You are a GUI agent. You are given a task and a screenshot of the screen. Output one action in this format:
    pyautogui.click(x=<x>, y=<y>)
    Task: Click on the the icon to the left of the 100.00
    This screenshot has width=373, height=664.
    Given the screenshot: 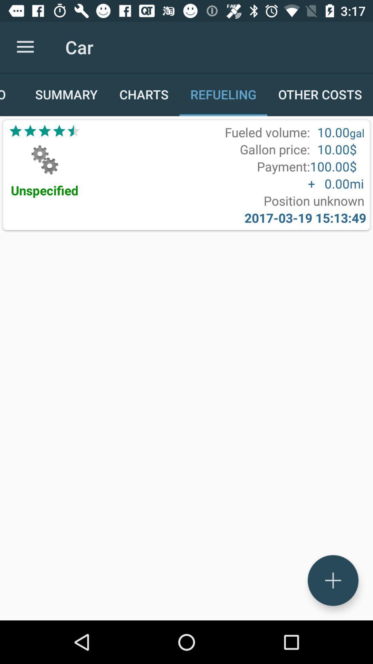 What is the action you would take?
    pyautogui.click(x=283, y=166)
    